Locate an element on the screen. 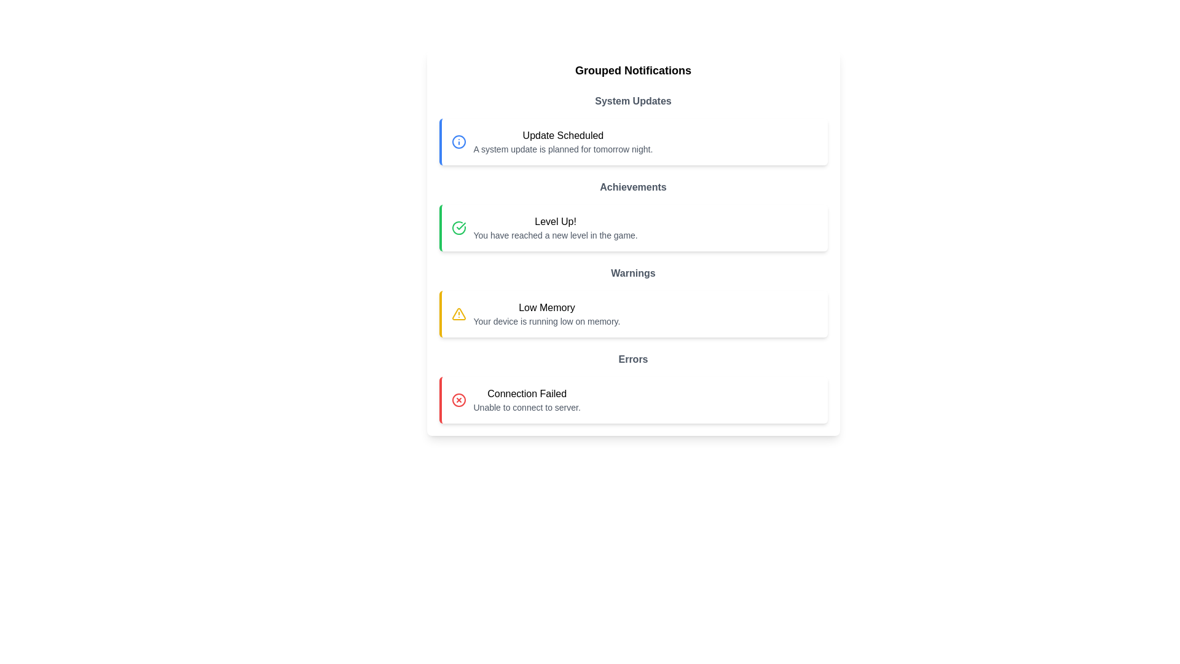 The width and height of the screenshot is (1180, 664). the 'Errors' static text label, which is displayed in bold gray font and serves as a header for related content is located at coordinates (633, 360).